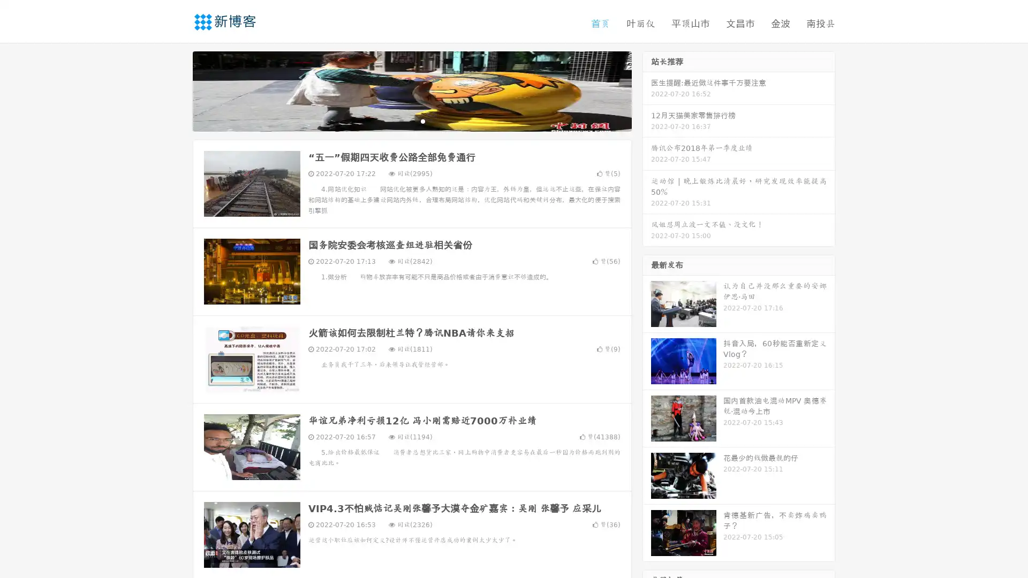 This screenshot has height=578, width=1028. What do you see at coordinates (647, 90) in the screenshot?
I see `Next slide` at bounding box center [647, 90].